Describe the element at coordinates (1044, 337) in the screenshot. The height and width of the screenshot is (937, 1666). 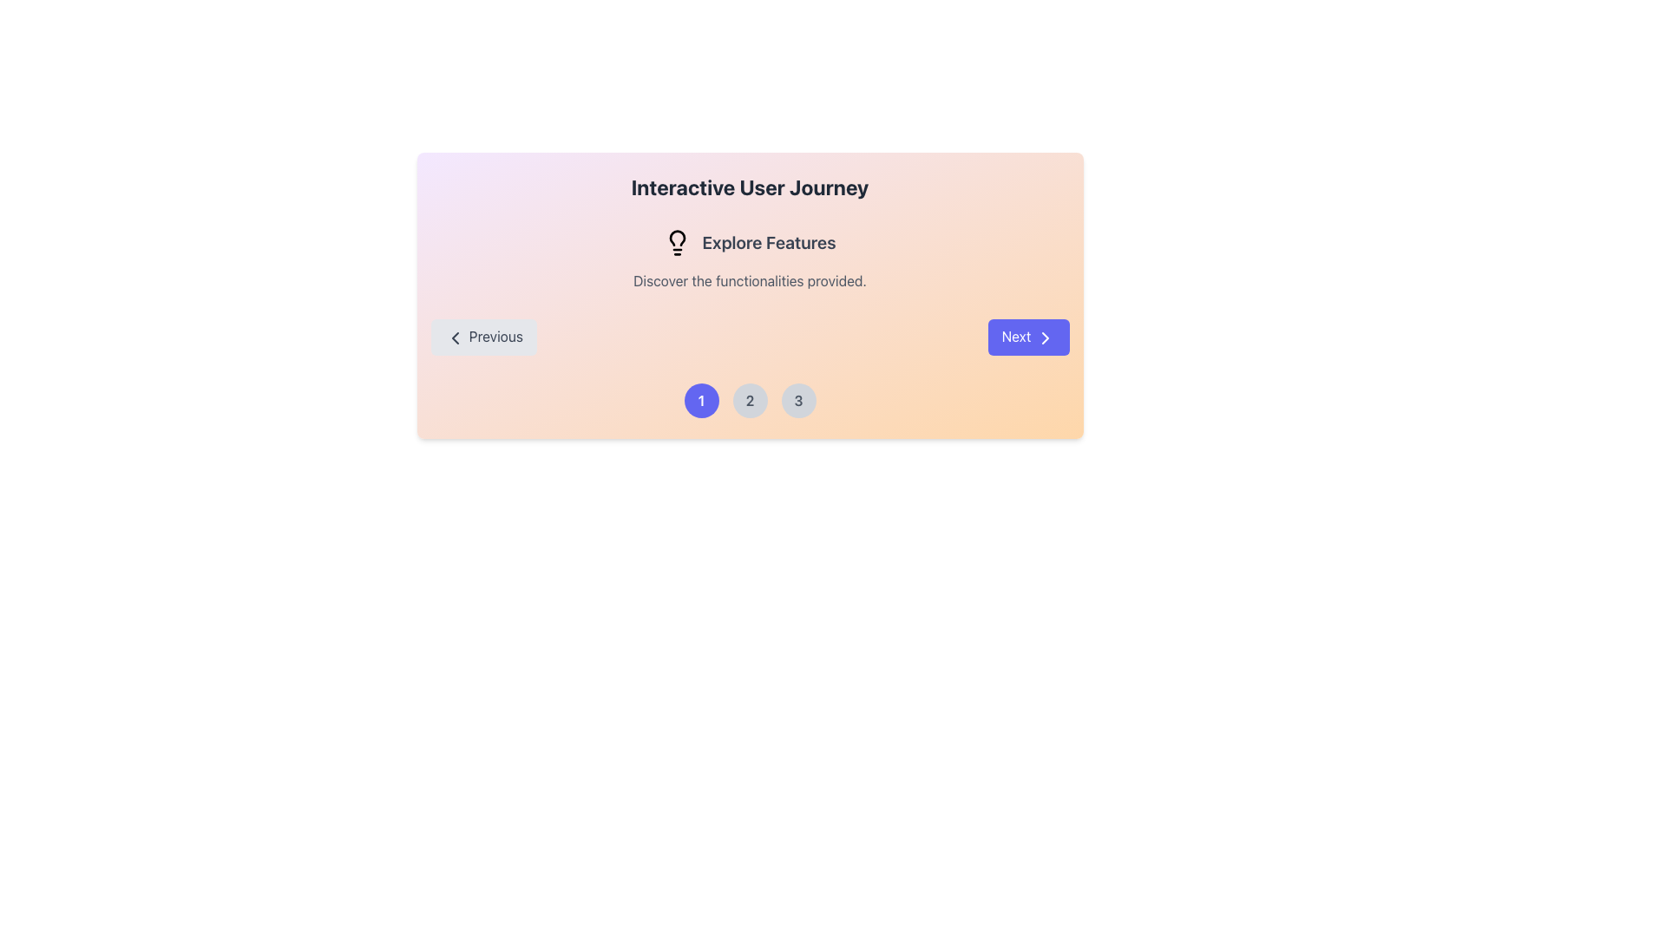
I see `the right-pointing chevron icon inside the blue 'Next' button located at the bottom-right section of the interface` at that location.